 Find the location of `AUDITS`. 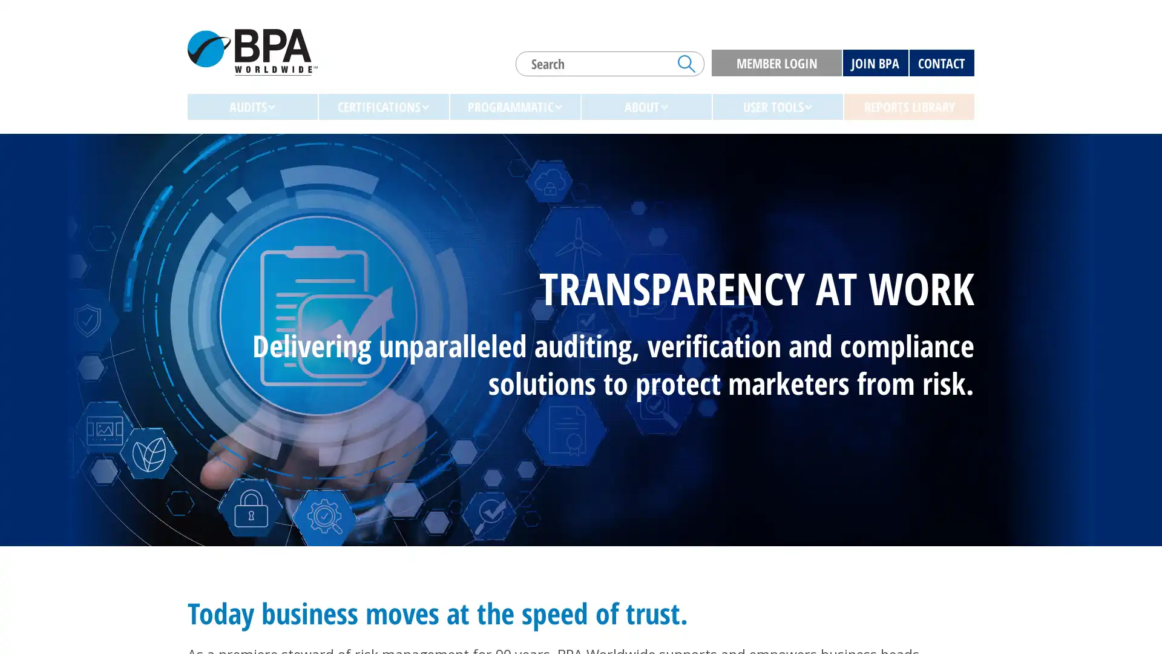

AUDITS is located at coordinates (252, 106).